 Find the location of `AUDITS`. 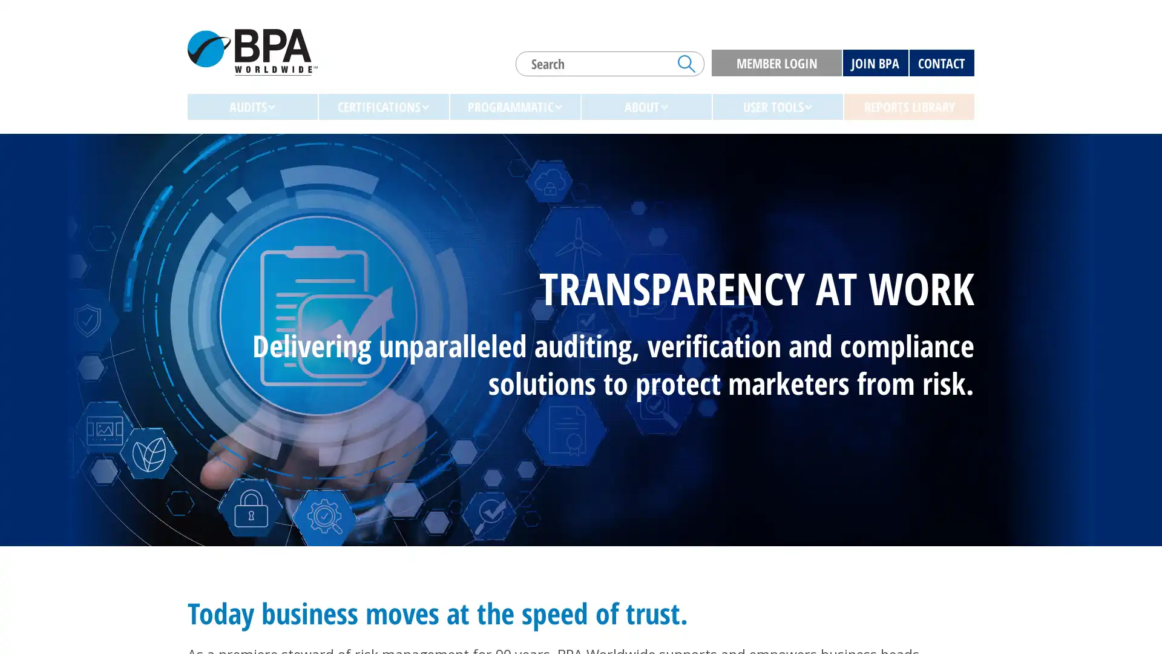

AUDITS is located at coordinates (252, 106).